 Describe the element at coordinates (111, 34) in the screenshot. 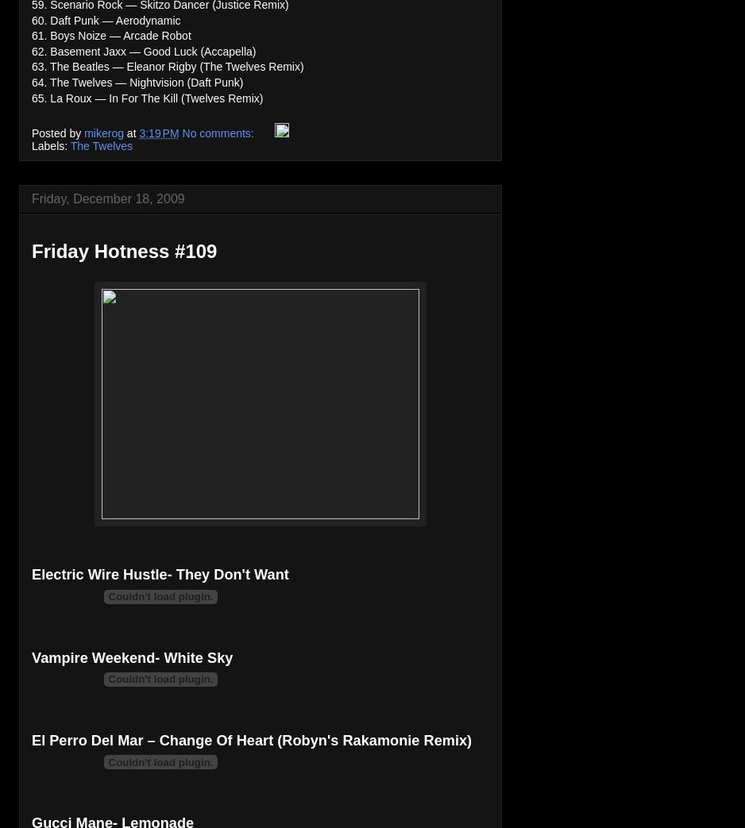

I see `'61. Boys Noize — Arcade Robot'` at that location.